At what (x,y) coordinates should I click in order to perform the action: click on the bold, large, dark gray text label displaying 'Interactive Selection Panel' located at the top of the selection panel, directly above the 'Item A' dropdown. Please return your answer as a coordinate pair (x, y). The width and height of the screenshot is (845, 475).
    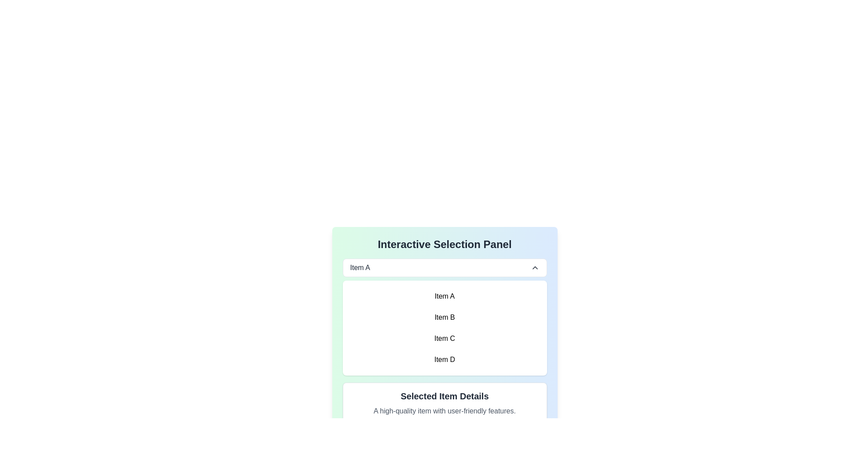
    Looking at the image, I should click on (445, 244).